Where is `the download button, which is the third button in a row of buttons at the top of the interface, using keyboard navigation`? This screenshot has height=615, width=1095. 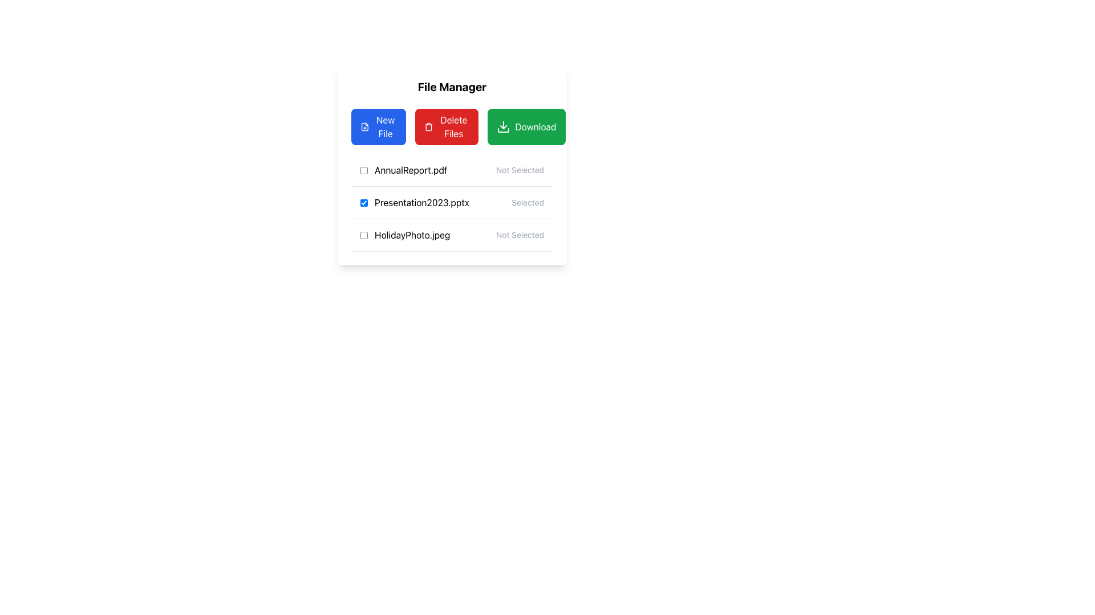
the download button, which is the third button in a row of buttons at the top of the interface, using keyboard navigation is located at coordinates (526, 127).